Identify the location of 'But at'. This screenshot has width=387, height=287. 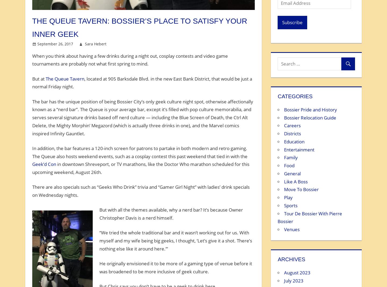
(38, 78).